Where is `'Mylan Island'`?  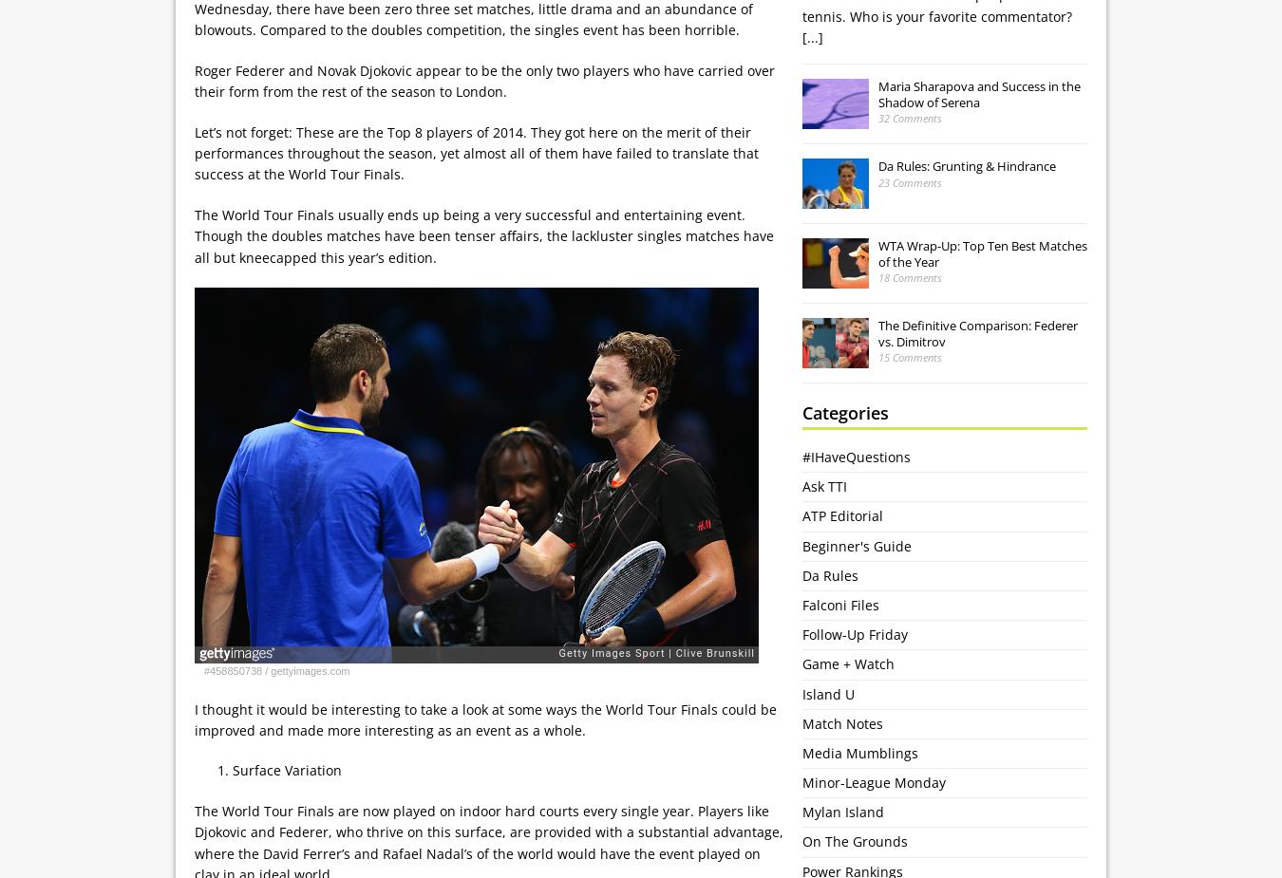
'Mylan Island' is located at coordinates (843, 812).